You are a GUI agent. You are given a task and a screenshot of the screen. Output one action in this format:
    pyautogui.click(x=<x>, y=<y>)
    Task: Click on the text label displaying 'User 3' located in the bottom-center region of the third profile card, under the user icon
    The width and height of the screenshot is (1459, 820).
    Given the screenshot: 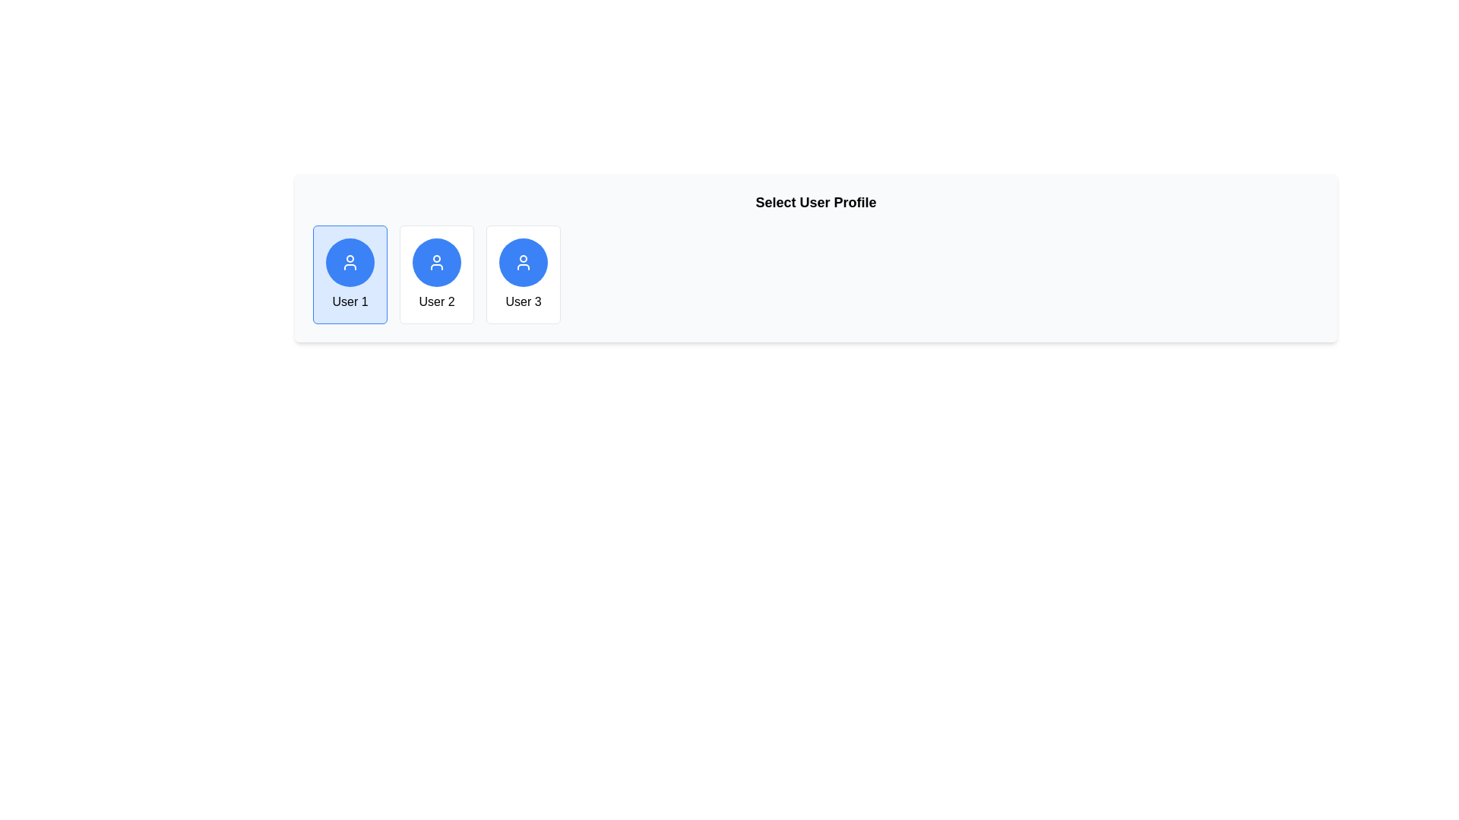 What is the action you would take?
    pyautogui.click(x=523, y=301)
    